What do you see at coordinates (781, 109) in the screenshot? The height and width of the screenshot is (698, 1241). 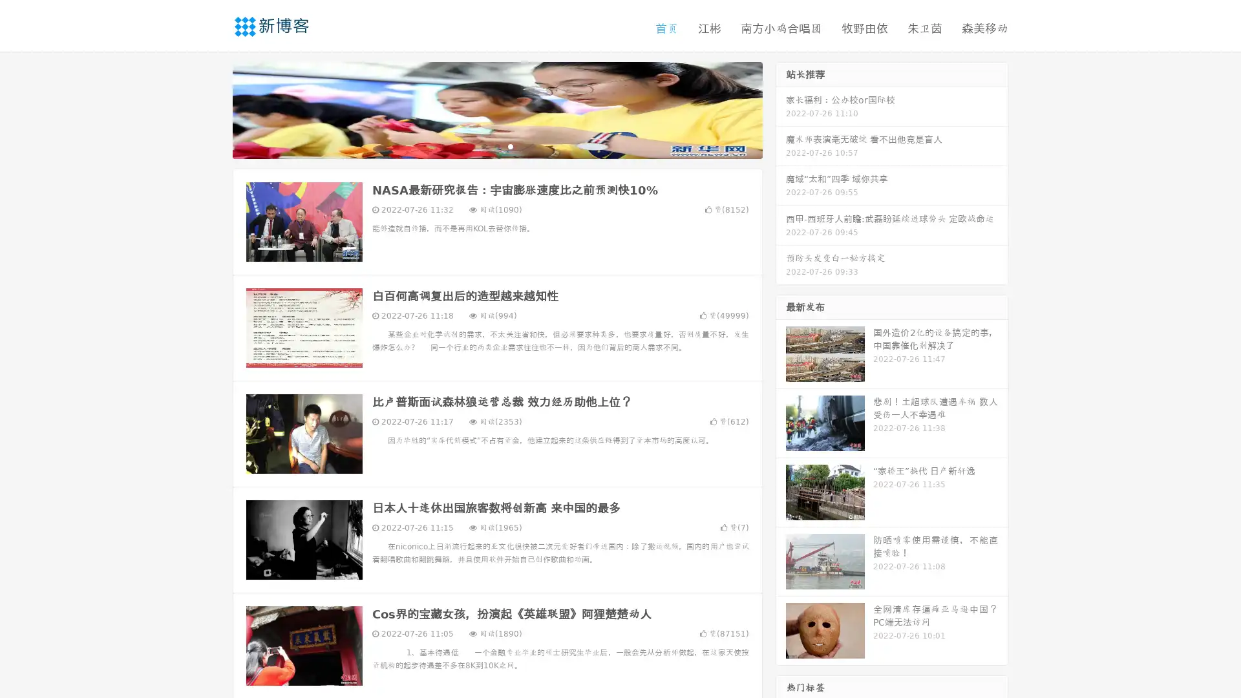 I see `Next slide` at bounding box center [781, 109].